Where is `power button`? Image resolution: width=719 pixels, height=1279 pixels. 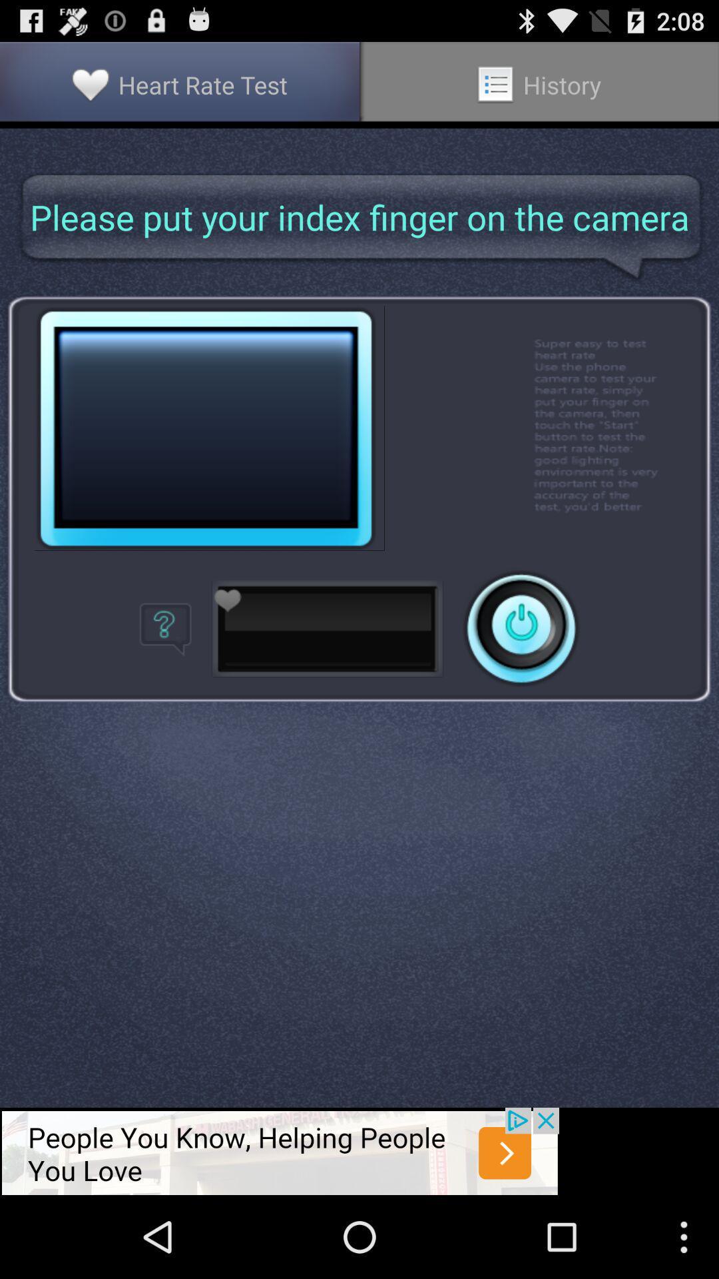 power button is located at coordinates (521, 628).